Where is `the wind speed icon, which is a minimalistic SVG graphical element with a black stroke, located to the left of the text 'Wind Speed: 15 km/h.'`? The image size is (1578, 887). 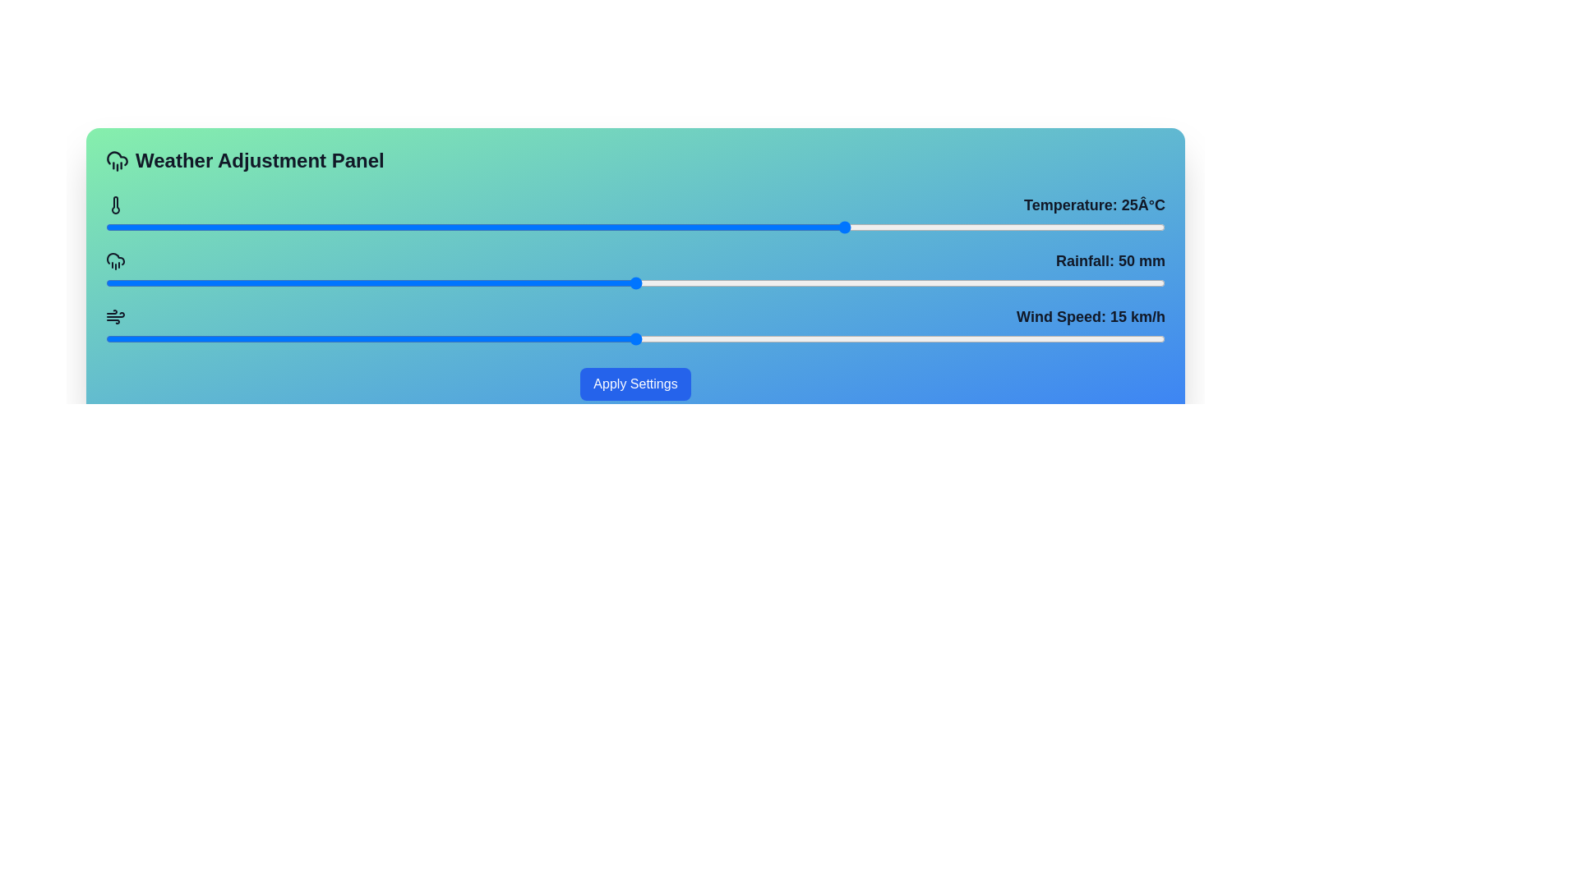 the wind speed icon, which is a minimalistic SVG graphical element with a black stroke, located to the left of the text 'Wind Speed: 15 km/h.' is located at coordinates (114, 316).